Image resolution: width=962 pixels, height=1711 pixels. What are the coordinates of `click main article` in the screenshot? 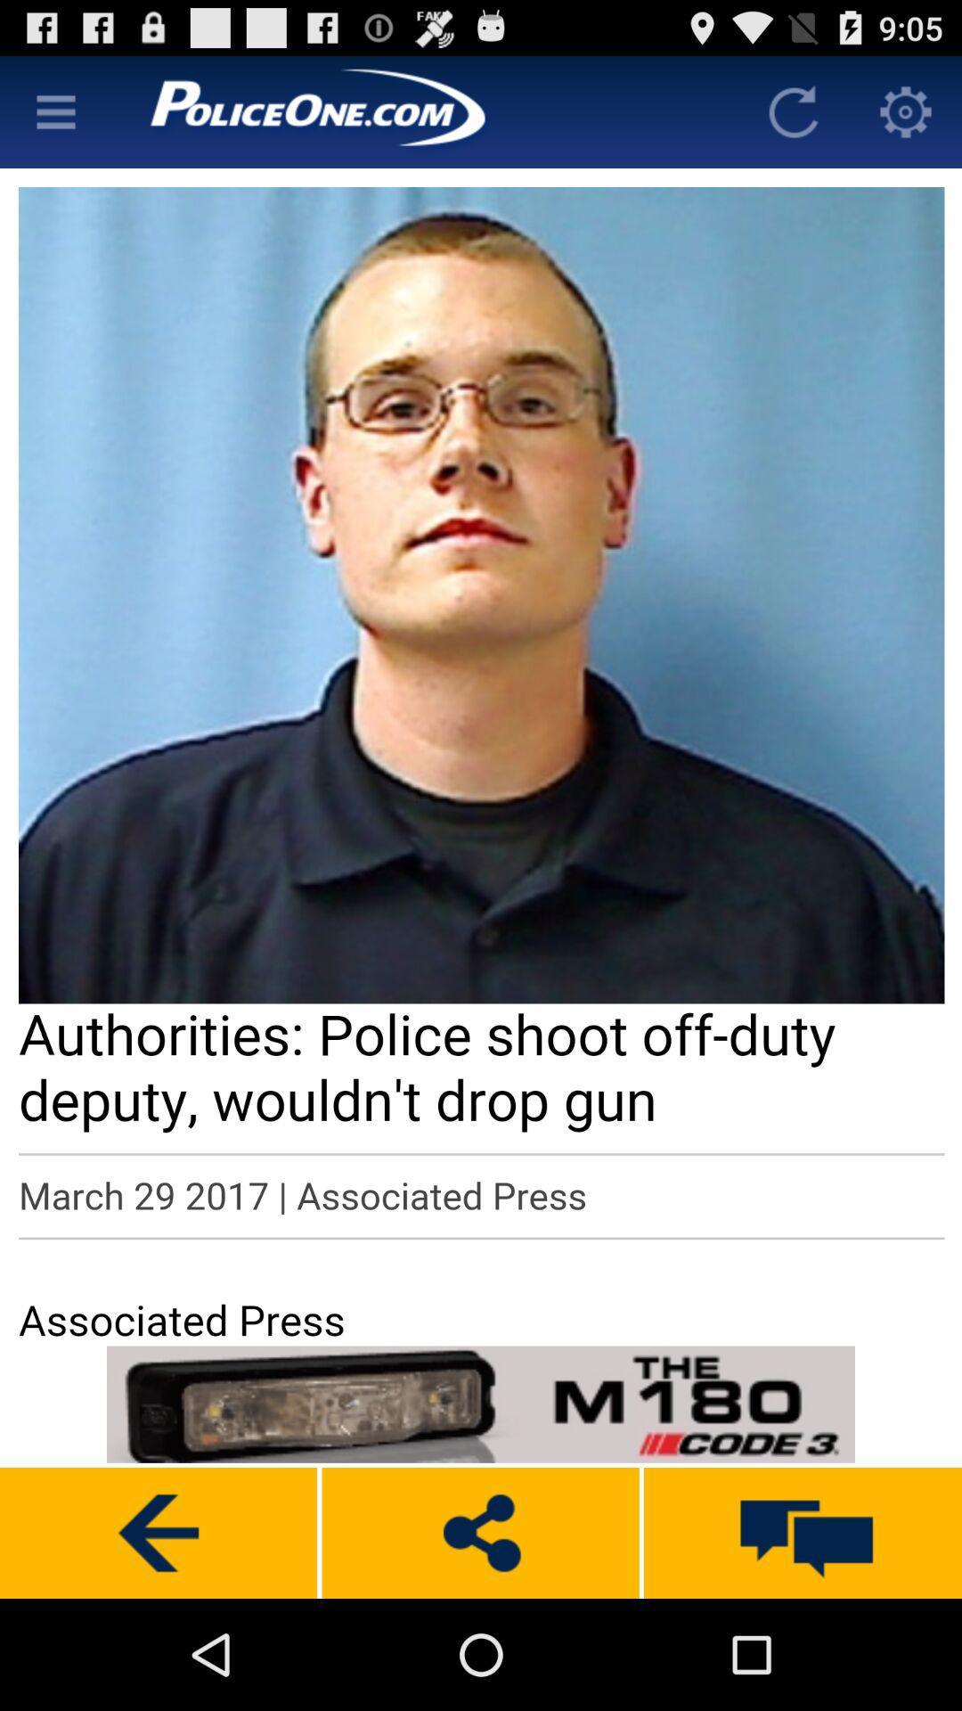 It's located at (481, 755).